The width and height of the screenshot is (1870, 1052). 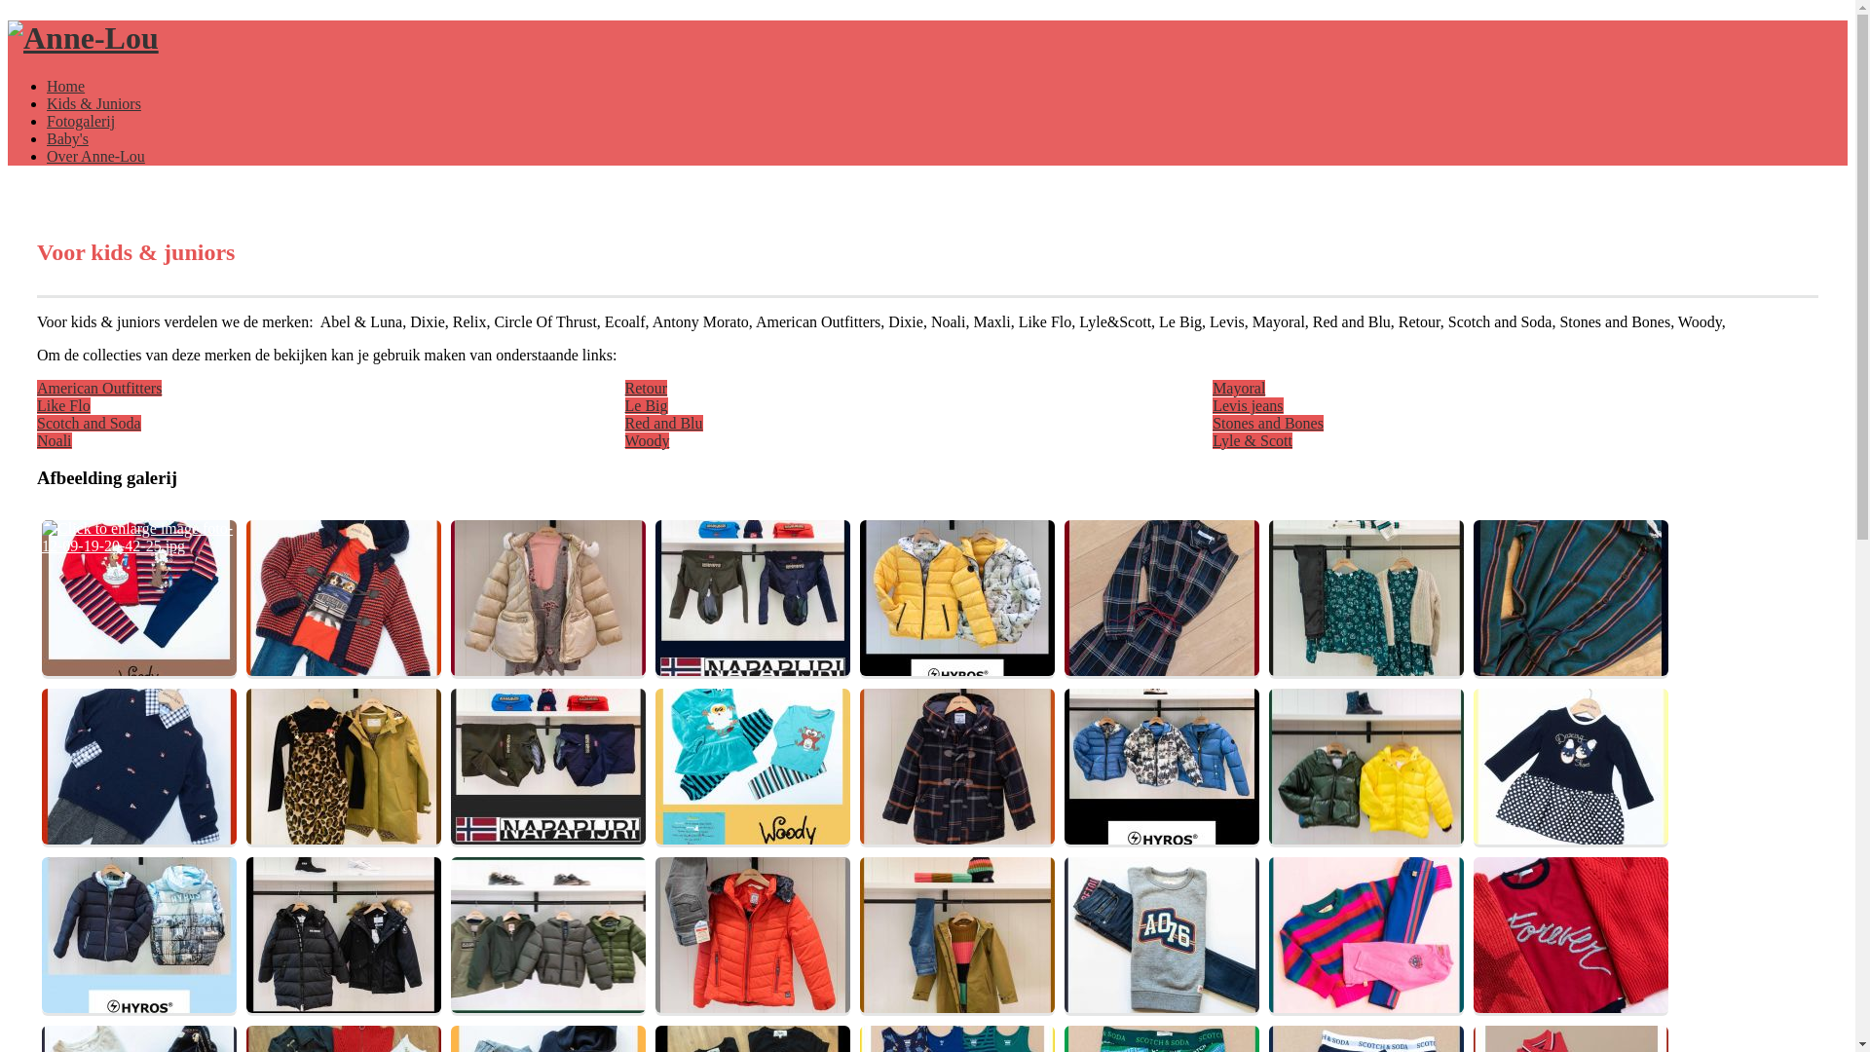 I want to click on 'Fotogalerij', so click(x=79, y=121).